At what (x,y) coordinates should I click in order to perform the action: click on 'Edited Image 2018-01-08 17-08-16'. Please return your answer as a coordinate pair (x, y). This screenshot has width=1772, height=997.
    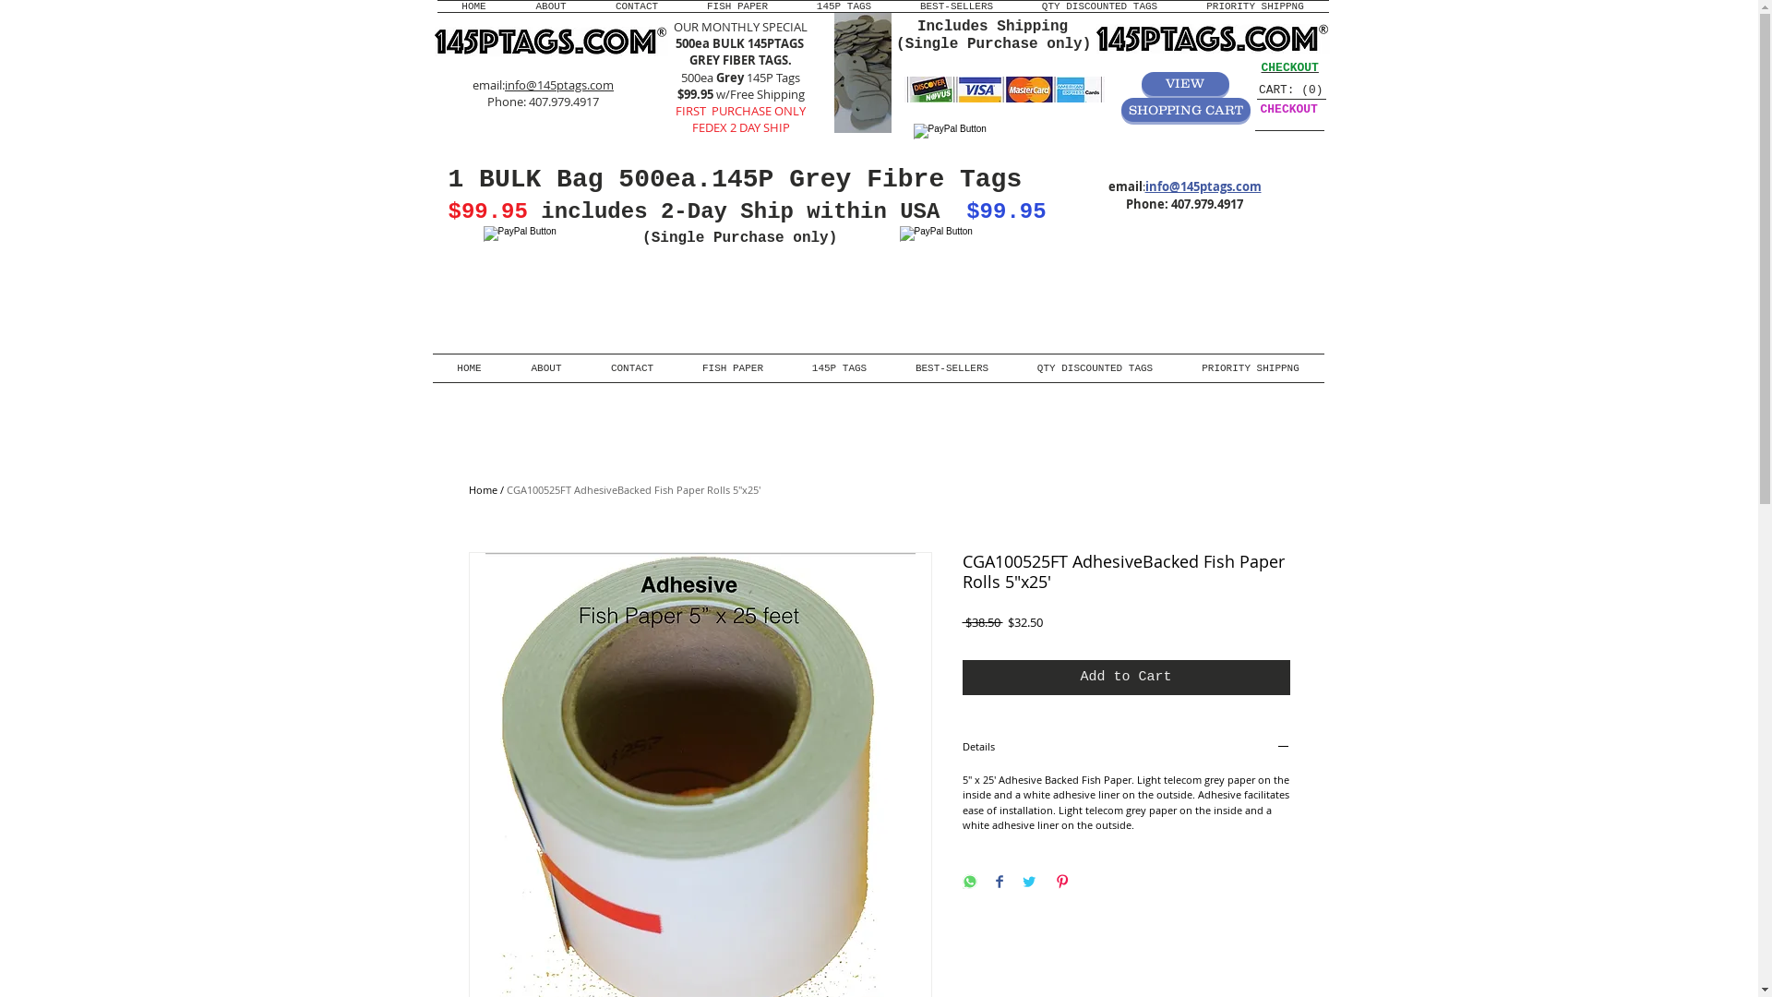
    Looking at the image, I should click on (862, 71).